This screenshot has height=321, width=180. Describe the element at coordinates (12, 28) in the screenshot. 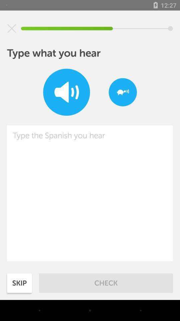

I see `stop/close recording` at that location.